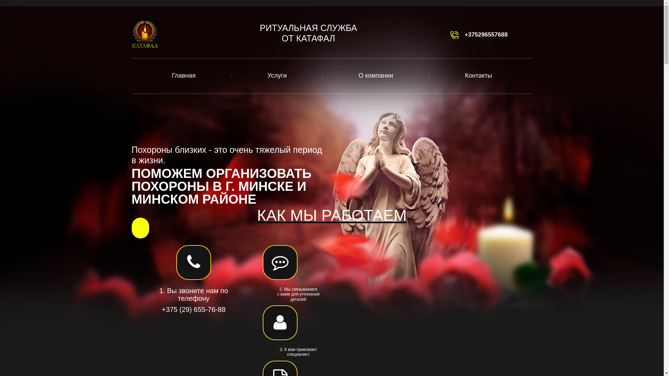 The height and width of the screenshot is (376, 669). I want to click on '+375296557688', so click(465, 34).